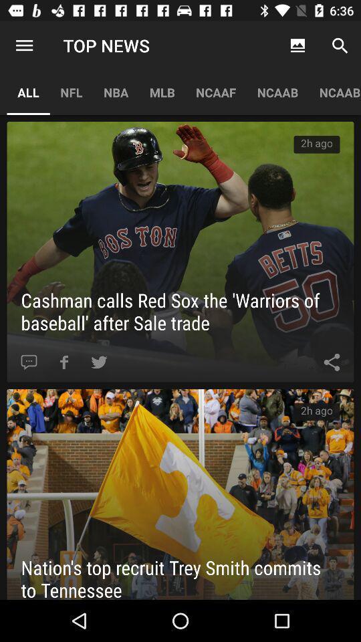 The image size is (361, 642). I want to click on the icon below the cashman calls red, so click(331, 362).